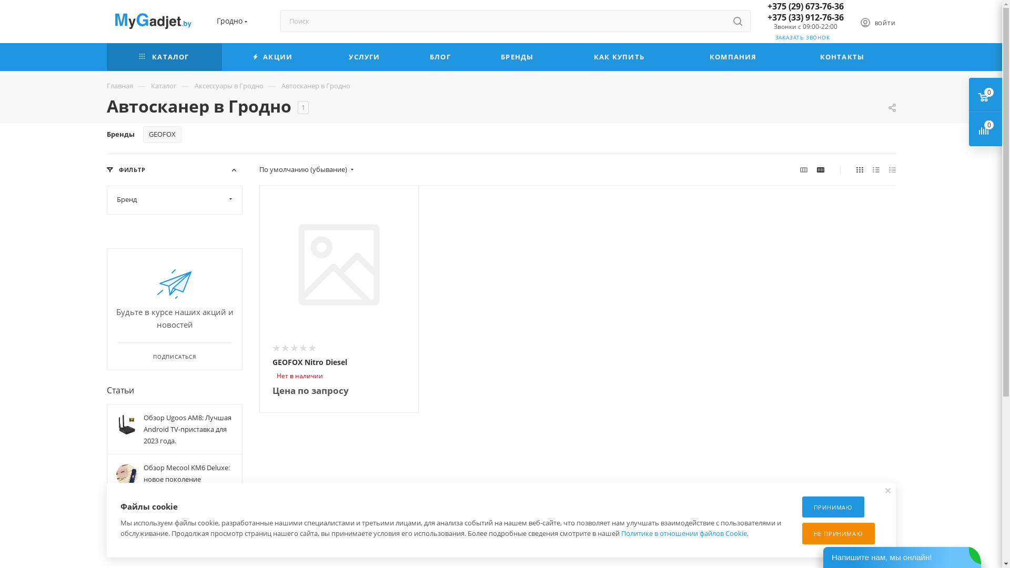 The width and height of the screenshot is (1010, 568). What do you see at coordinates (143, 134) in the screenshot?
I see `'GEOFOX'` at bounding box center [143, 134].